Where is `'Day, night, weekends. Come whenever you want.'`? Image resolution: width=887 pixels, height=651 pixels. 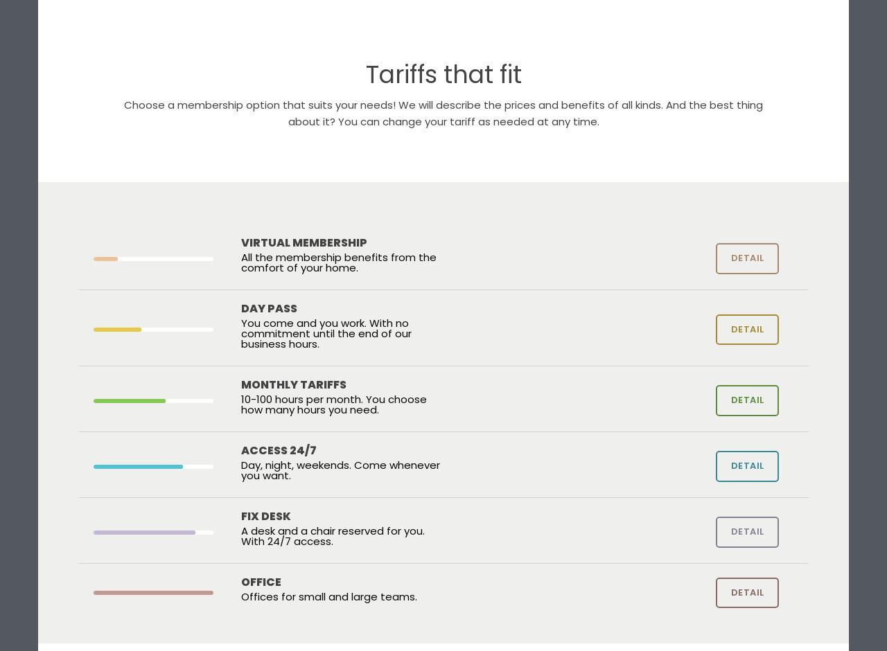
'Day, night, weekends. Come whenever you want.' is located at coordinates (240, 469).